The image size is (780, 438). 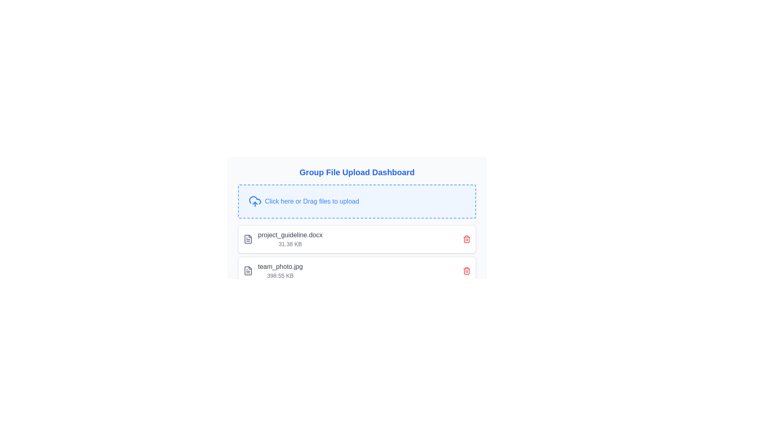 What do you see at coordinates (290, 239) in the screenshot?
I see `the text label displaying the filename and size for 'team_photo.jpg'` at bounding box center [290, 239].